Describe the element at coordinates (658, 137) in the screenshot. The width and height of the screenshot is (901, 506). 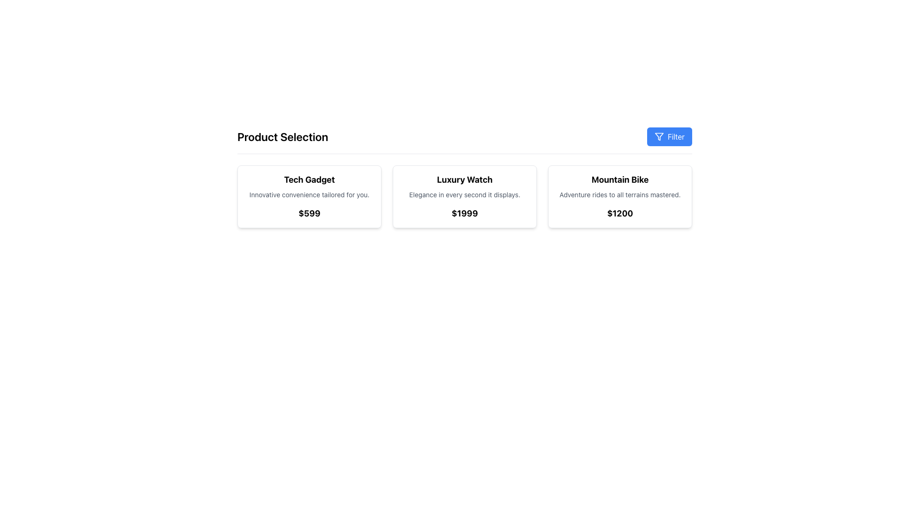
I see `the blue rectangular button containing the filled funnel-shaped icon located to the left of the label 'Filter' in the upper-right corner of the interface` at that location.